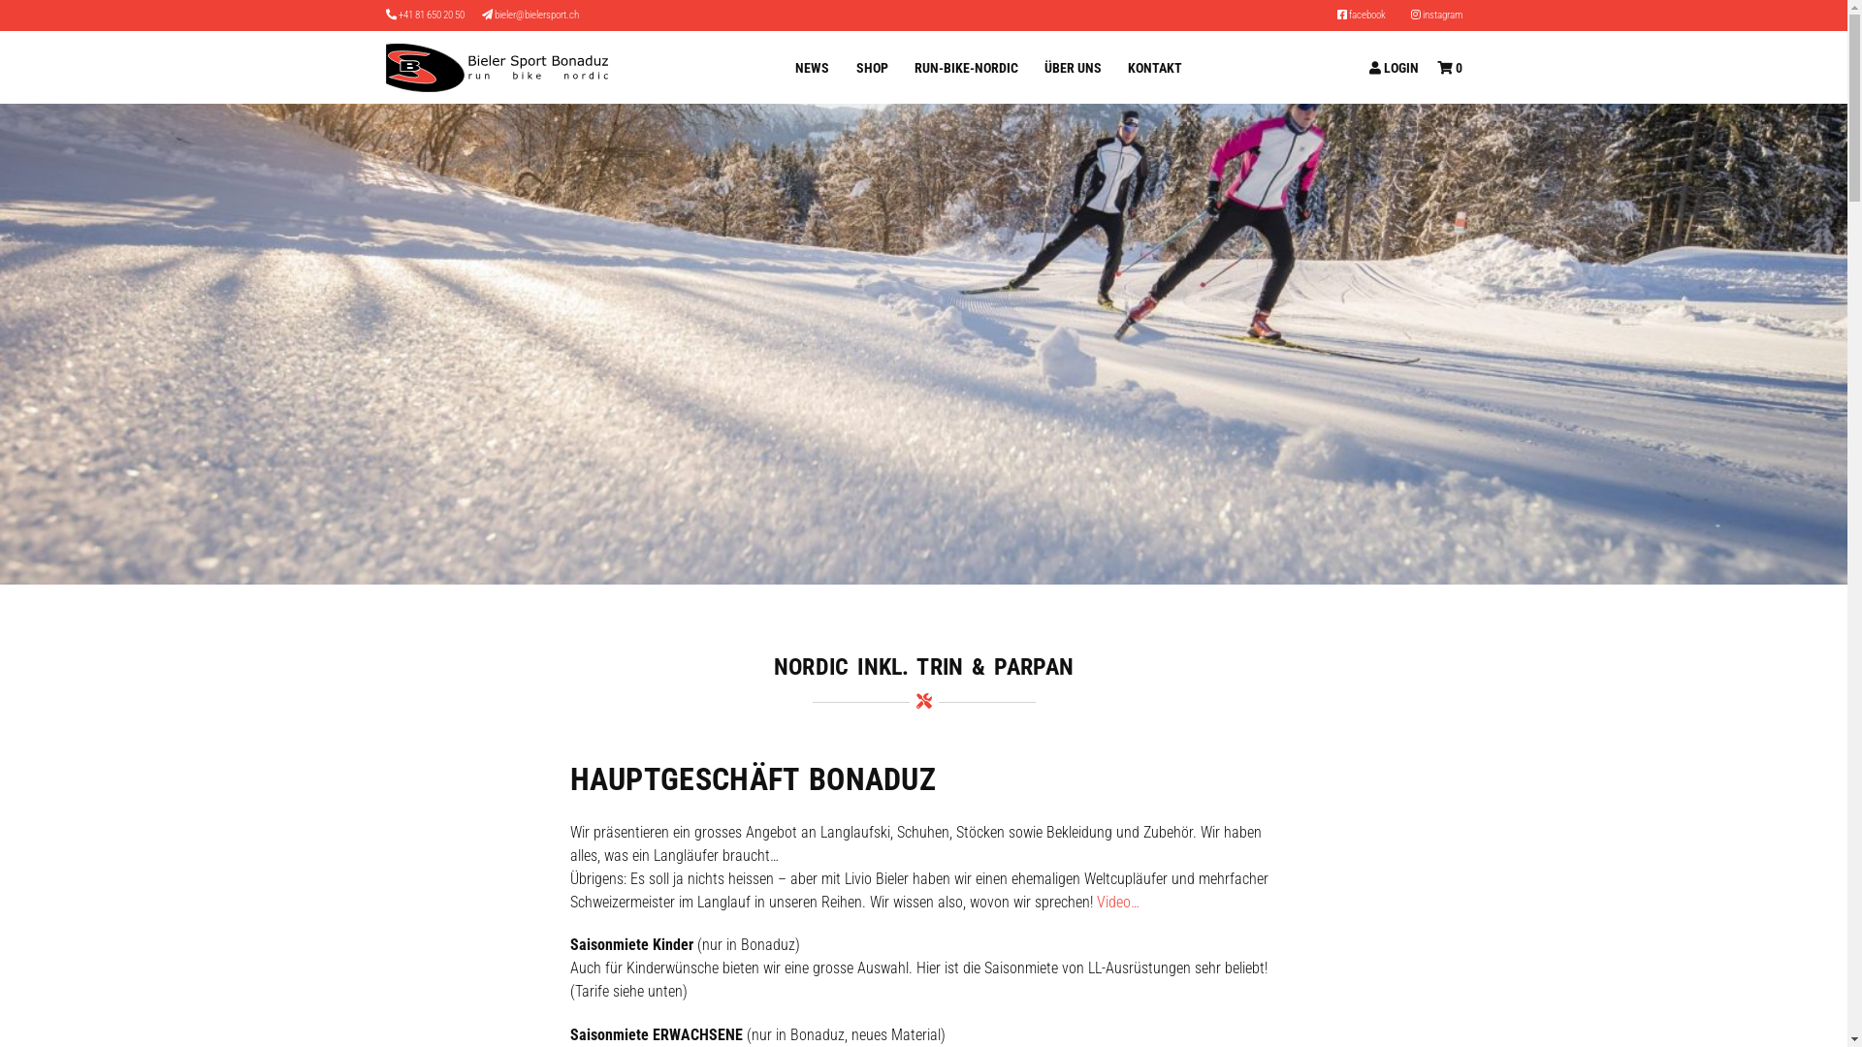 This screenshot has height=1047, width=1862. Describe the element at coordinates (1127, 66) in the screenshot. I see `'KONTAKT'` at that location.